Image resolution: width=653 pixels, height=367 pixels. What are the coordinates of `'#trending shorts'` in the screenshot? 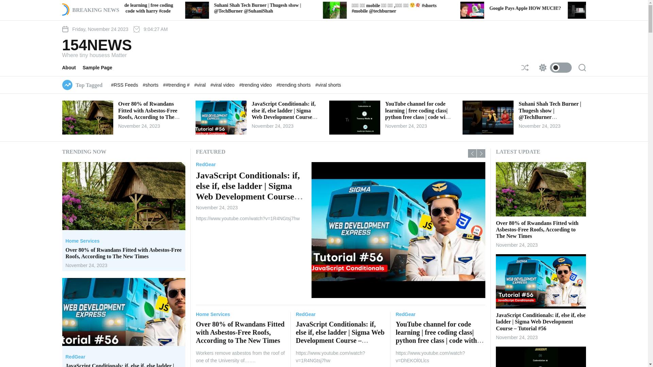 It's located at (294, 85).